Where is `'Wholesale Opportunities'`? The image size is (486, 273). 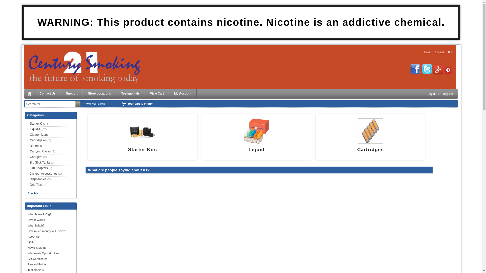 'Wholesale Opportunities' is located at coordinates (43, 253).